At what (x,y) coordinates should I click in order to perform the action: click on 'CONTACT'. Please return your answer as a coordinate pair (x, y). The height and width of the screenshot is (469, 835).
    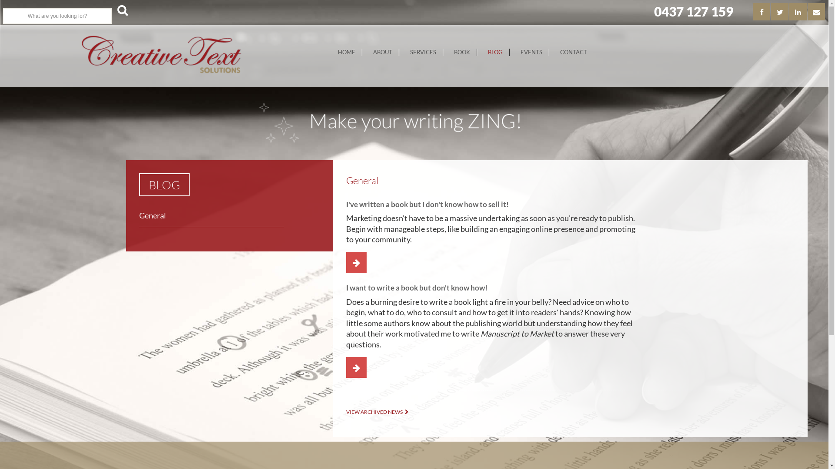
    Looking at the image, I should click on (574, 52).